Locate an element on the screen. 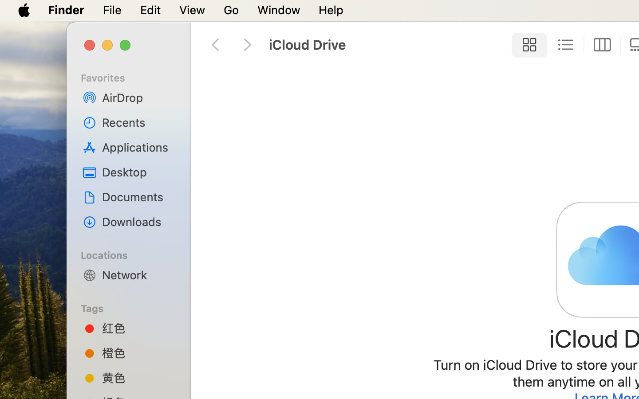 Image resolution: width=639 pixels, height=399 pixels. 'Tags' is located at coordinates (133, 307).